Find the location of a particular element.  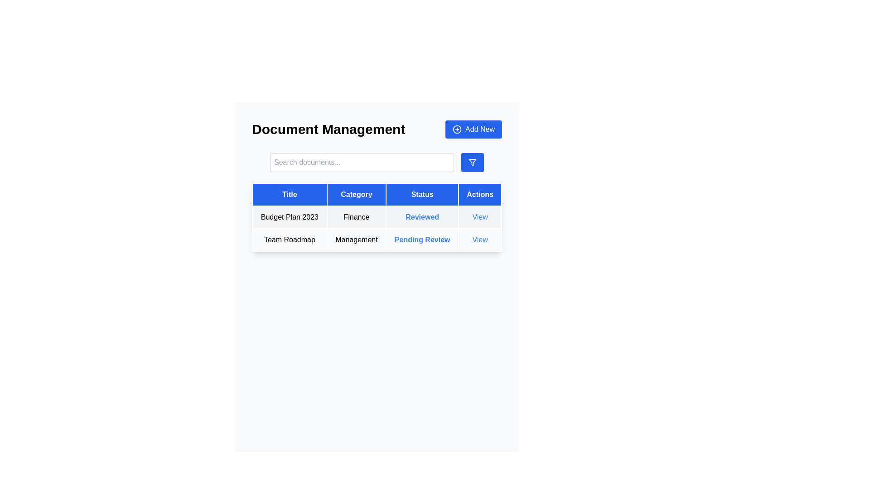

the hyperlink in the 'Actions' column of the budget plan table is located at coordinates (479, 217).